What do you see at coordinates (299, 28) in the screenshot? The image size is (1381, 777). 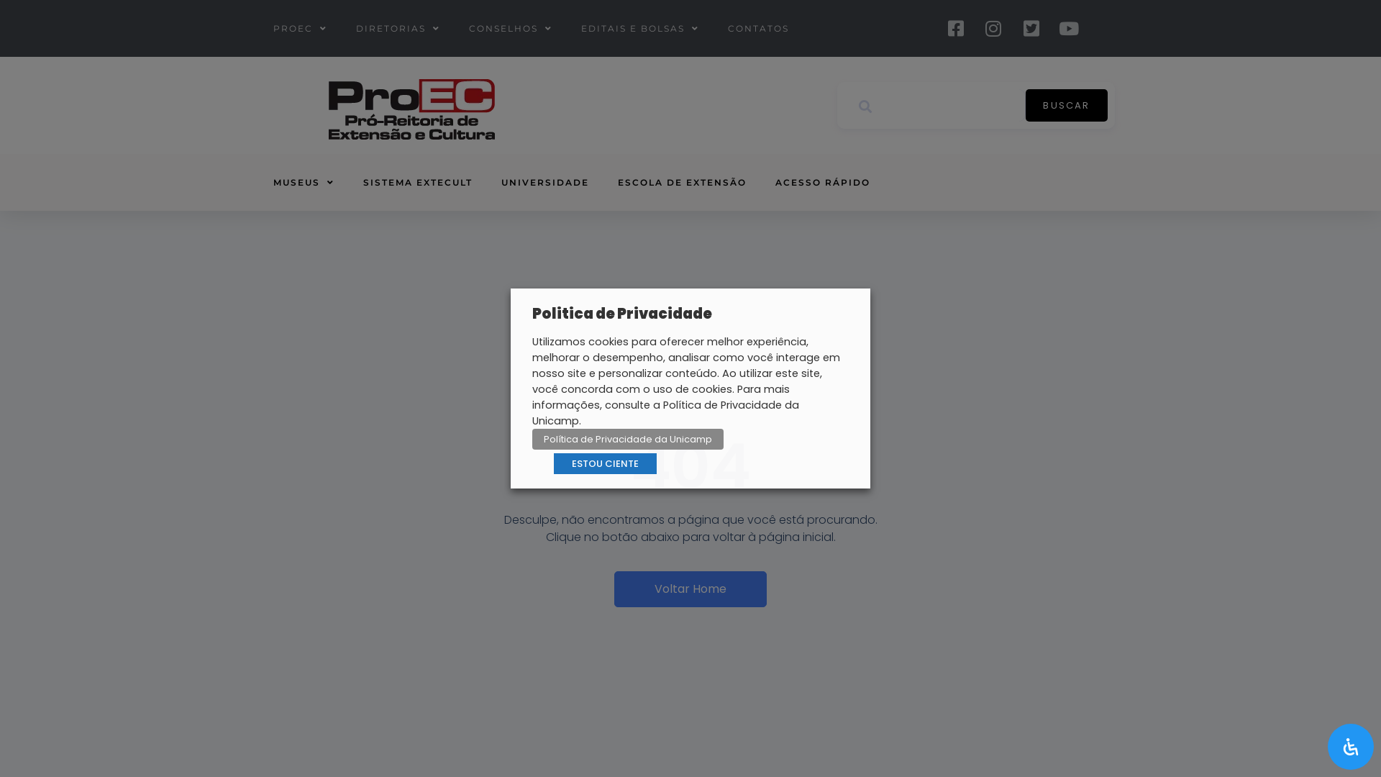 I see `'PROEC'` at bounding box center [299, 28].